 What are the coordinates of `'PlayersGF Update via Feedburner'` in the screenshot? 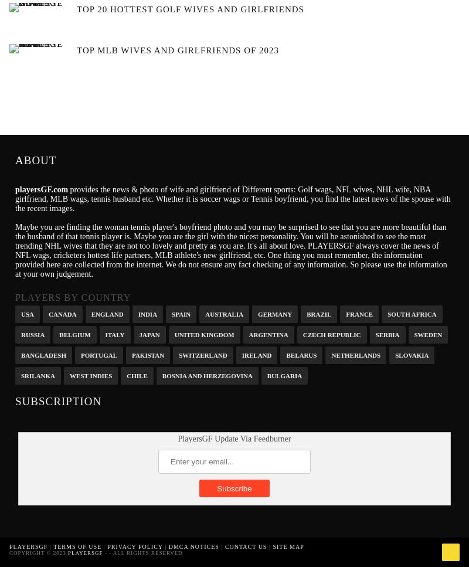 It's located at (233, 439).